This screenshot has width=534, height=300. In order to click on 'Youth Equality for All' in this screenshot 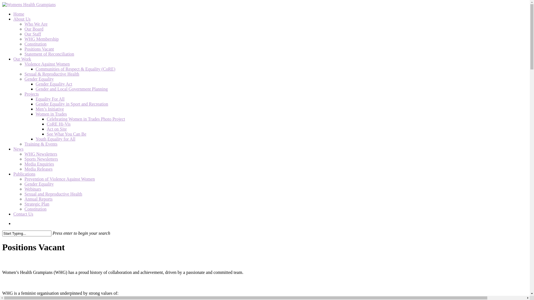, I will do `click(55, 139)`.